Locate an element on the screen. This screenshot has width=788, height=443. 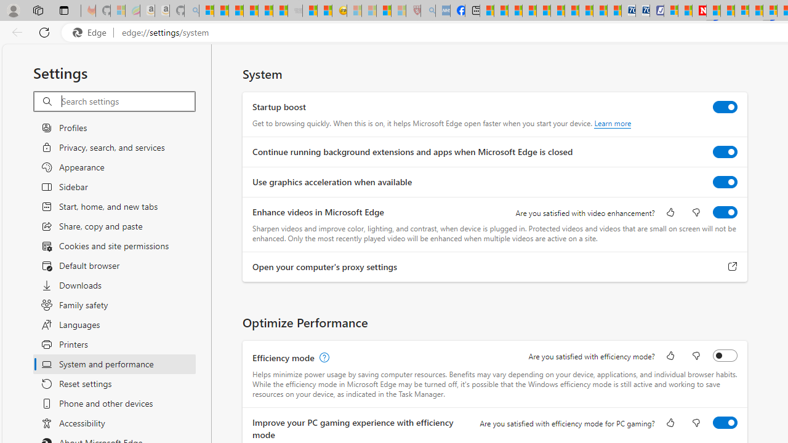
'14 Common Myths Debunked By Scientific Facts' is located at coordinates (728, 10).